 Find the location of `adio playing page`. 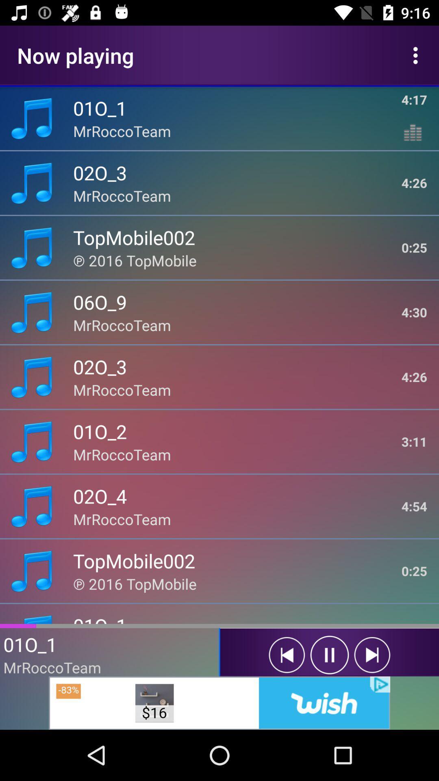

adio playing page is located at coordinates (286, 655).